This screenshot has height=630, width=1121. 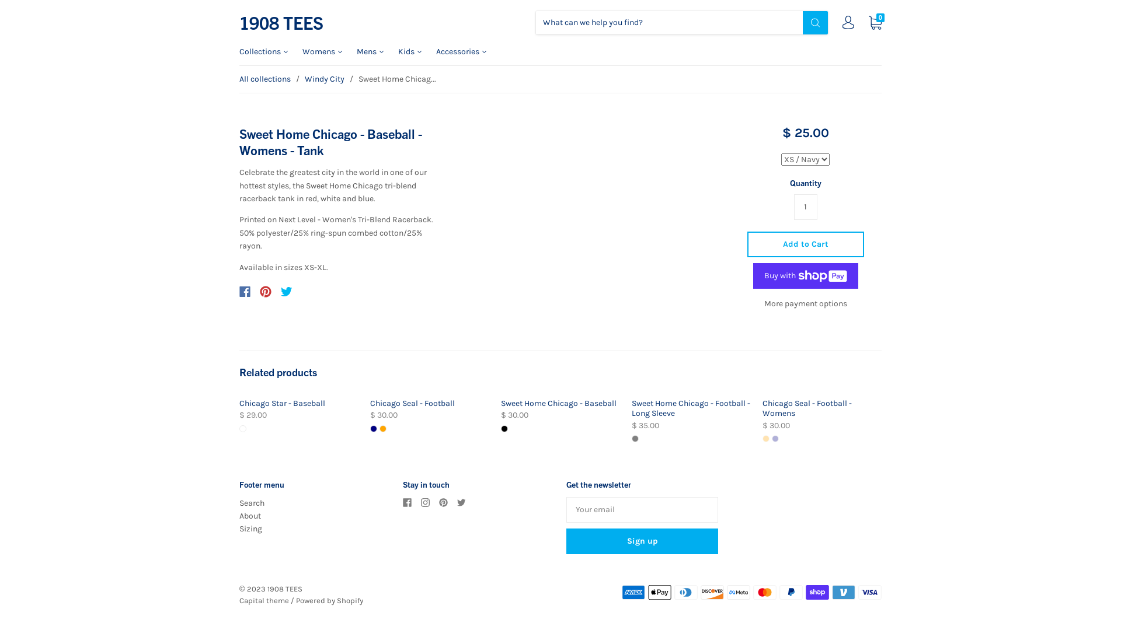 What do you see at coordinates (265, 291) in the screenshot?
I see `'Pinterest'` at bounding box center [265, 291].